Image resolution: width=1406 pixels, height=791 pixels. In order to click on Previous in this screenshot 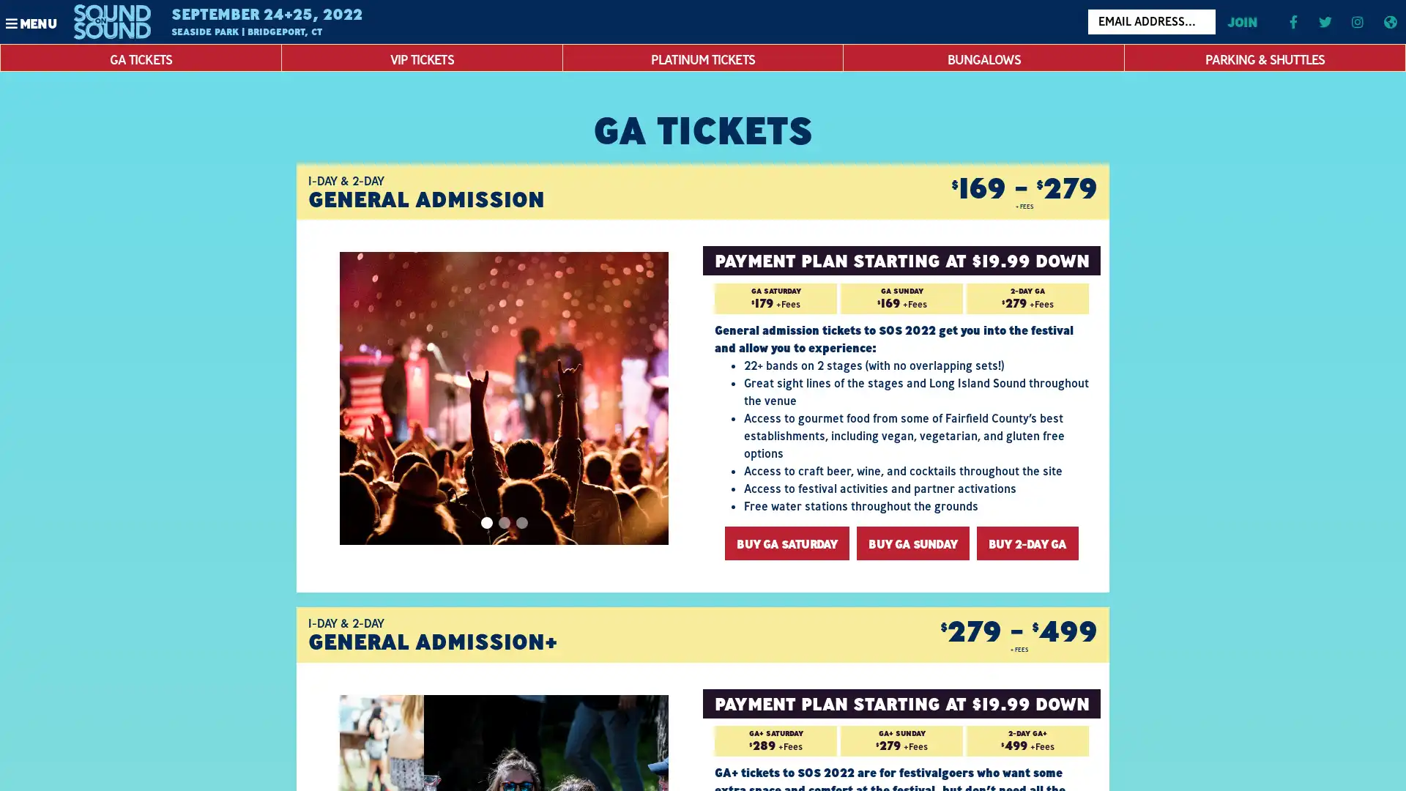, I will do `click(355, 398)`.